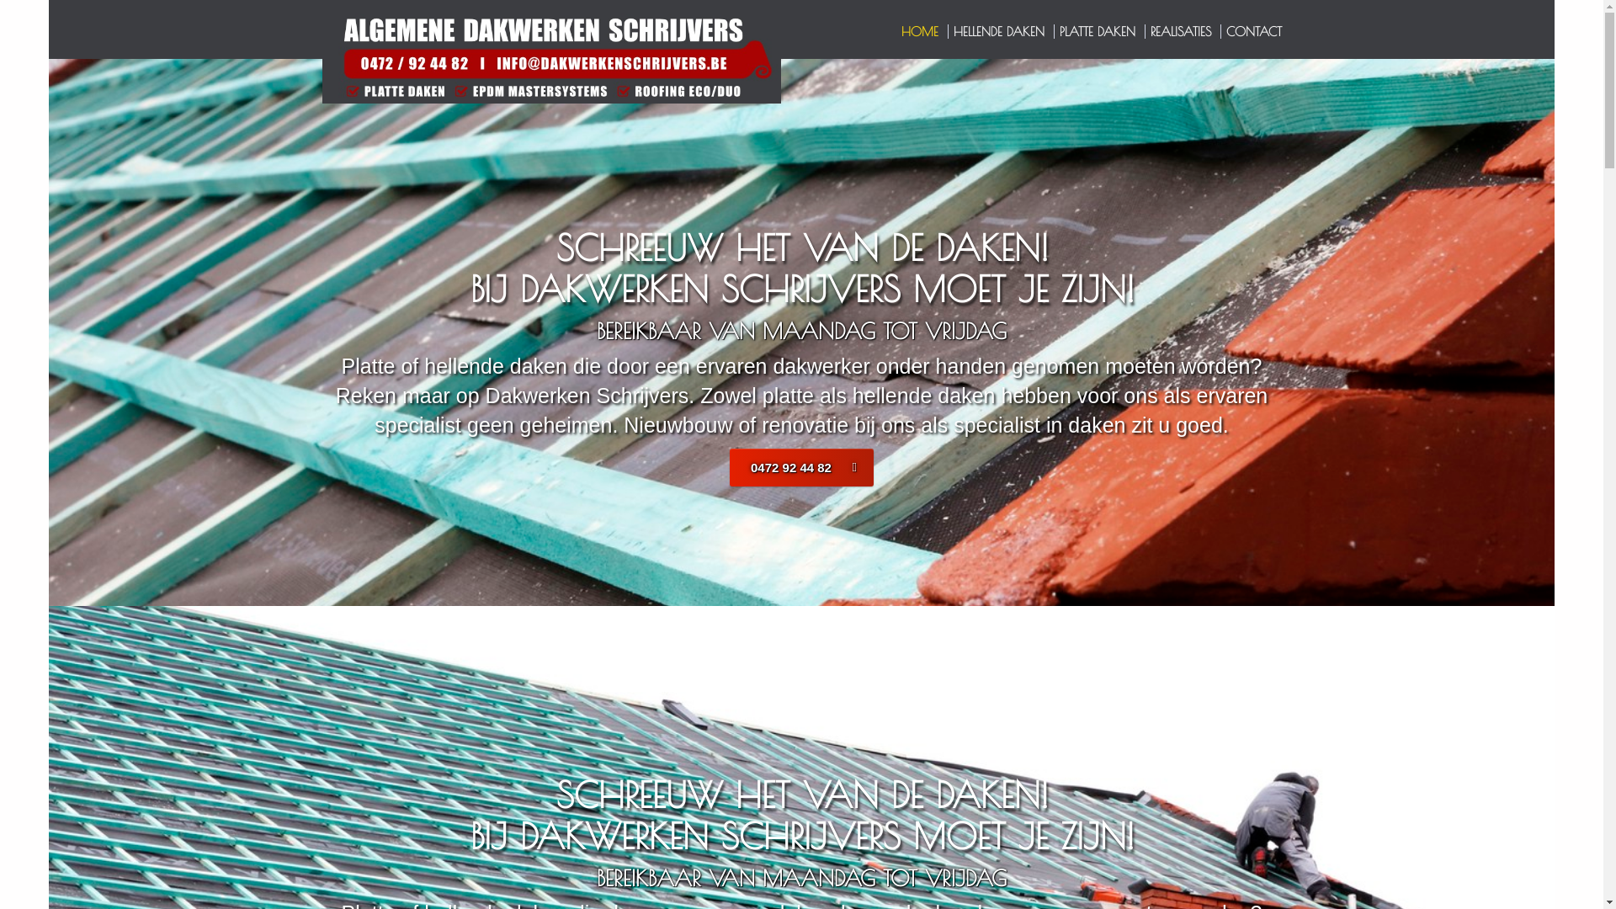 This screenshot has width=1616, height=909. What do you see at coordinates (1252, 31) in the screenshot?
I see `'CONTACT'` at bounding box center [1252, 31].